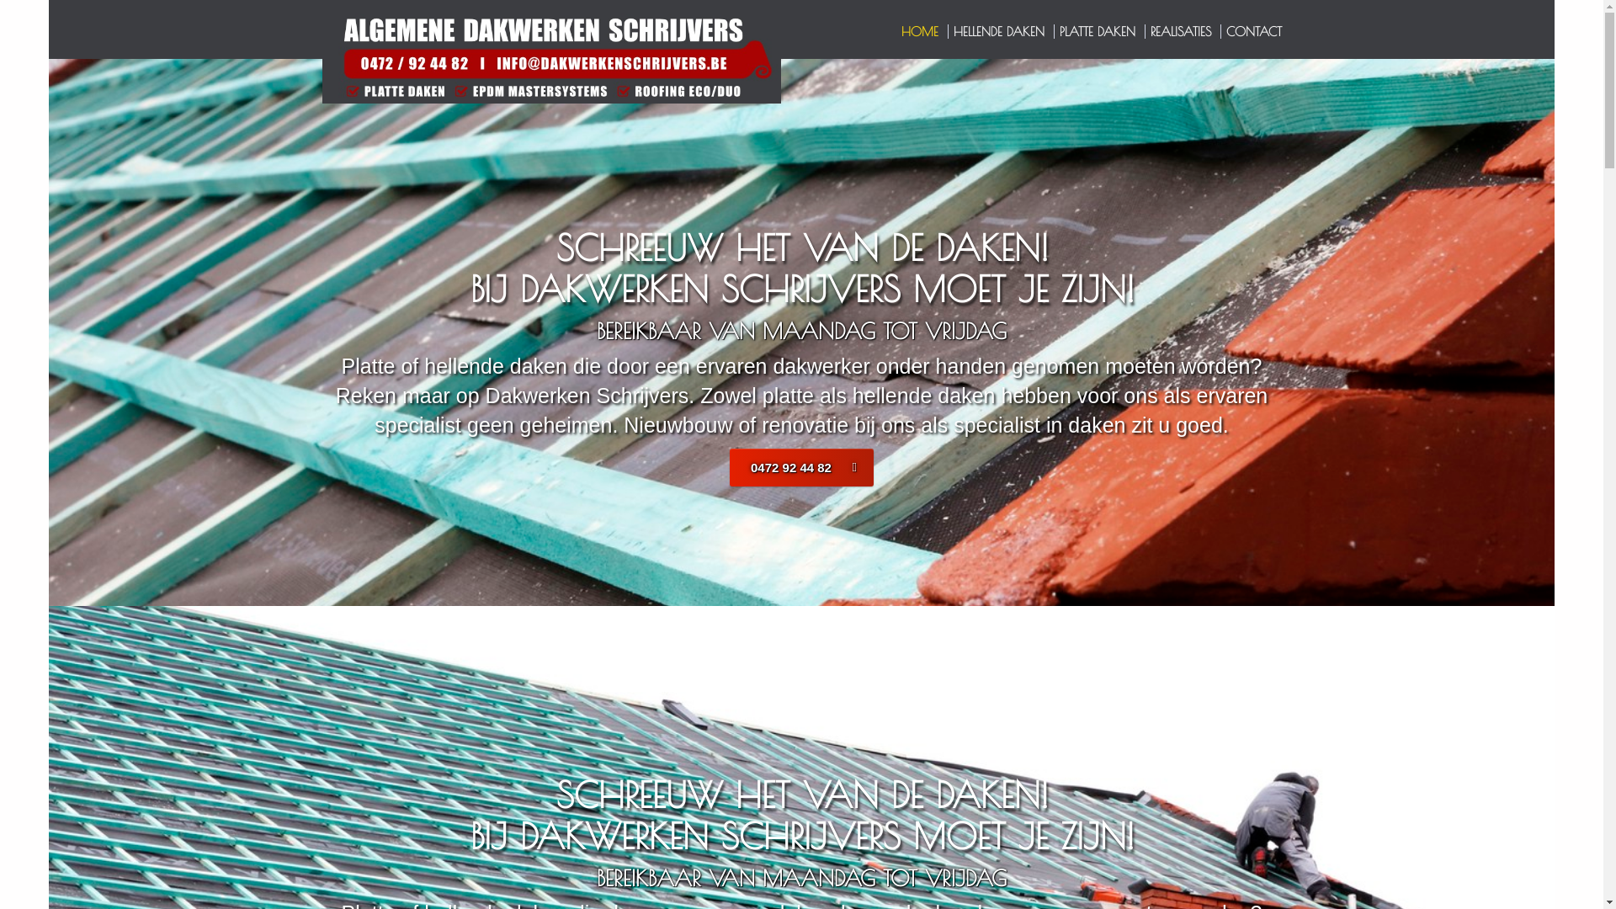 This screenshot has width=1616, height=909. What do you see at coordinates (1252, 31) in the screenshot?
I see `'CONTACT'` at bounding box center [1252, 31].